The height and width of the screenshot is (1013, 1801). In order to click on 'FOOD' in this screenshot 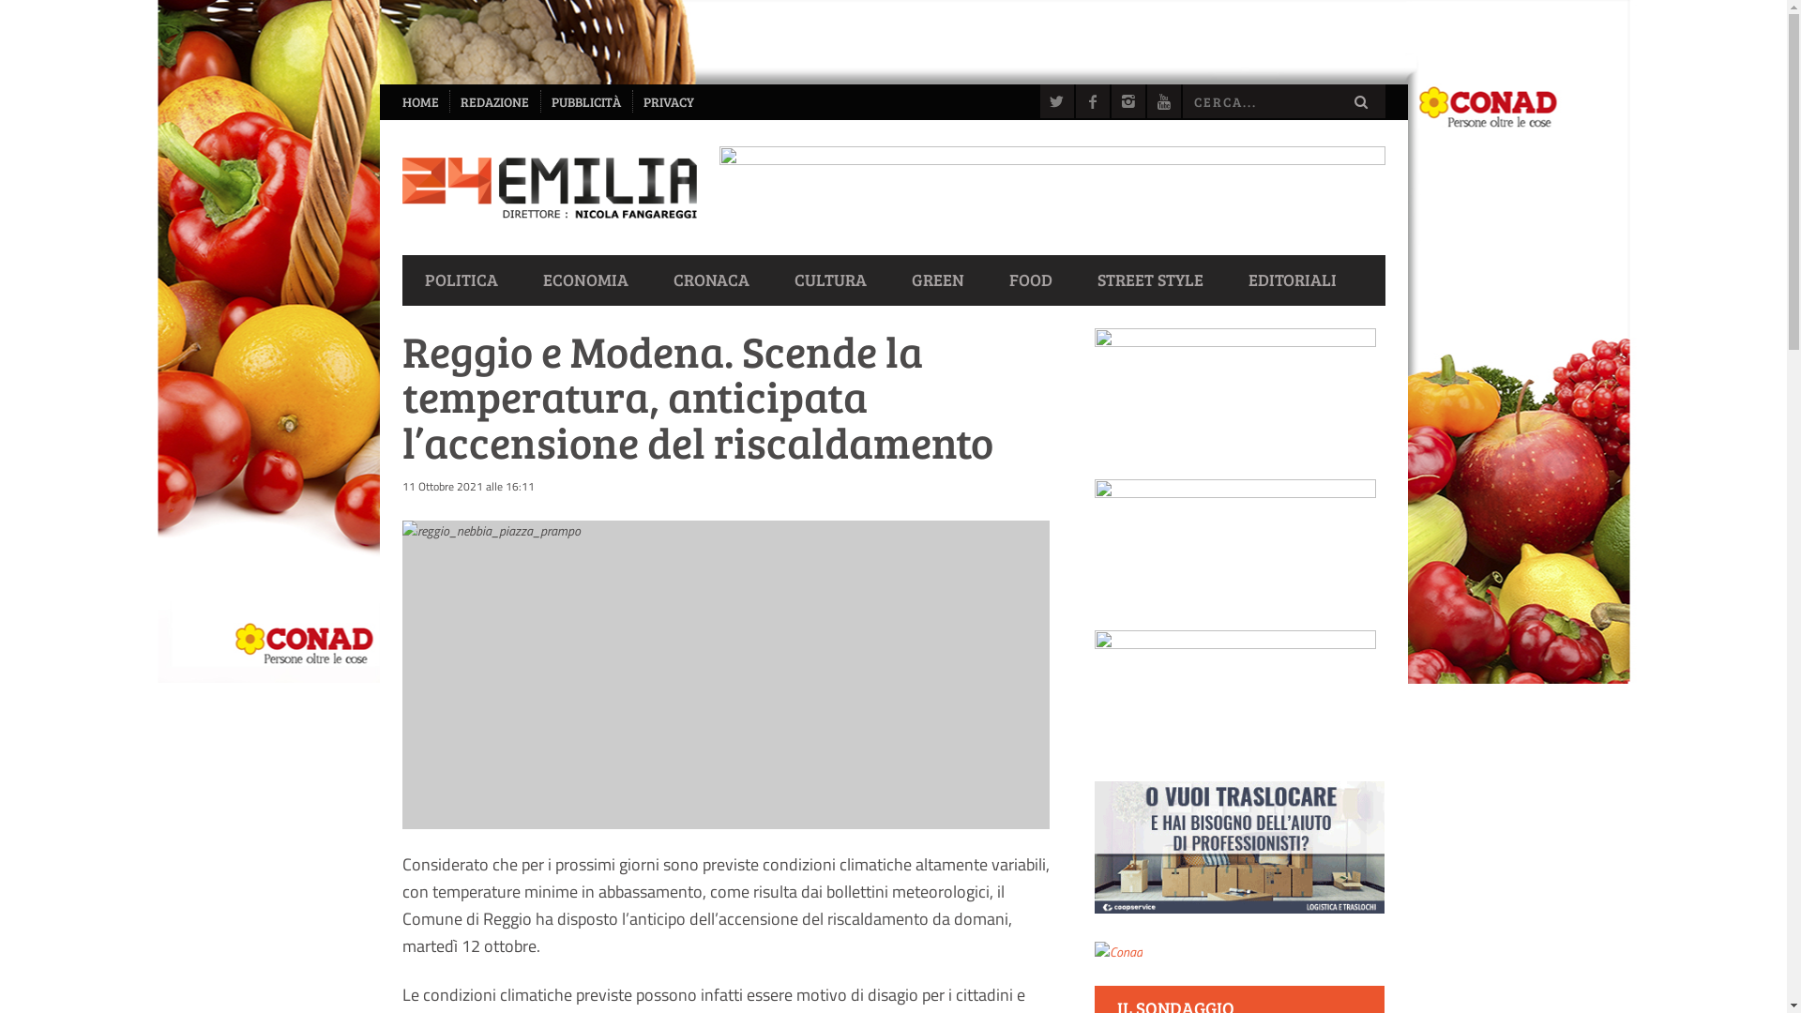, I will do `click(1030, 280)`.